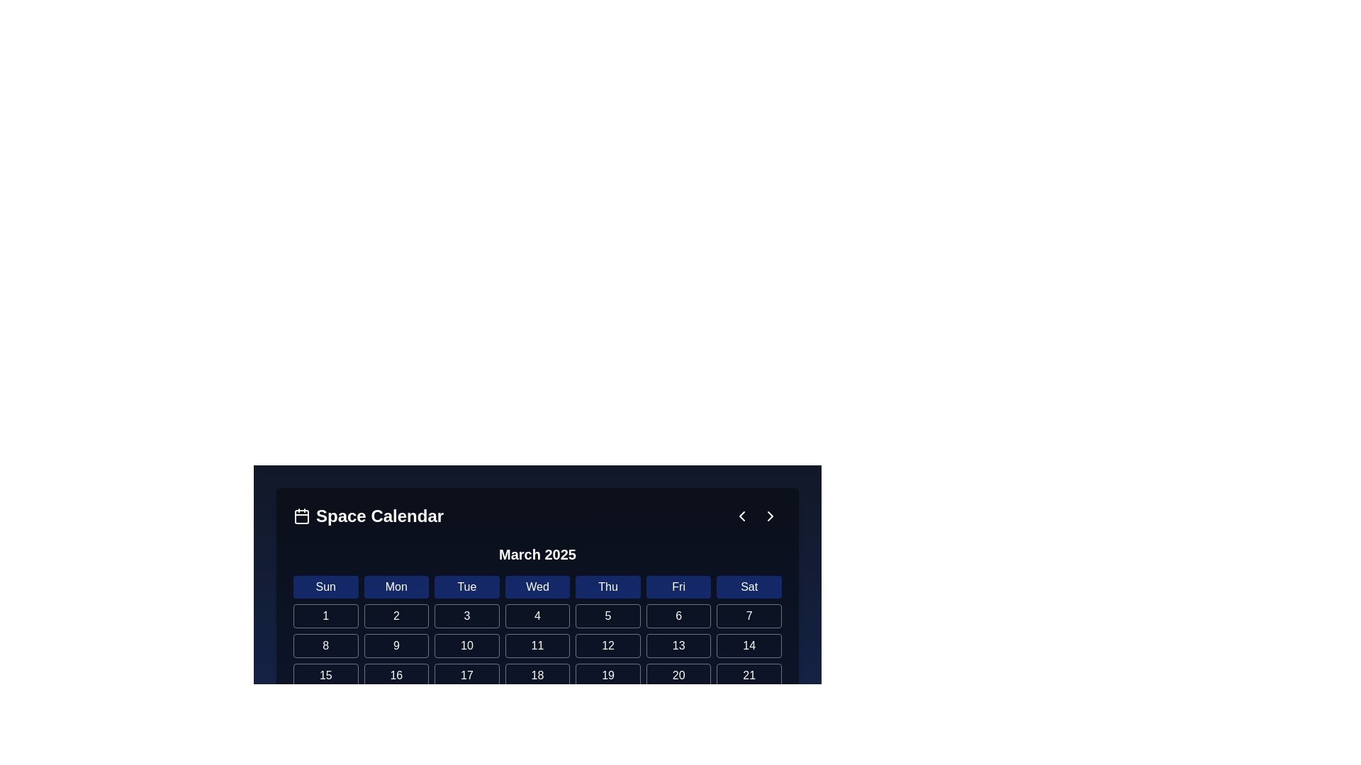 This screenshot has width=1361, height=765. I want to click on the Date cell displaying the number '9' in the calendar grid, which is located in the third row and second column, below the 'Mon' header, so click(396, 645).